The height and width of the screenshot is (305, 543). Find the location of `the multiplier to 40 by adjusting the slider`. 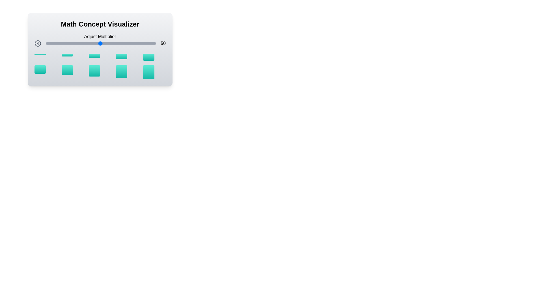

the multiplier to 40 by adjusting the slider is located at coordinates (89, 43).